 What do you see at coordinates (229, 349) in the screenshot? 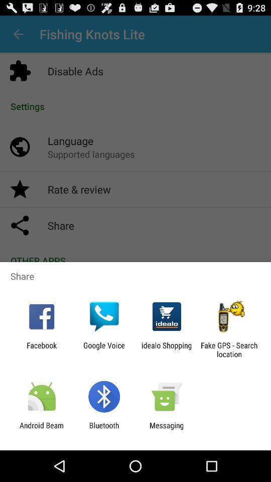
I see `icon next to the idealo shopping` at bounding box center [229, 349].